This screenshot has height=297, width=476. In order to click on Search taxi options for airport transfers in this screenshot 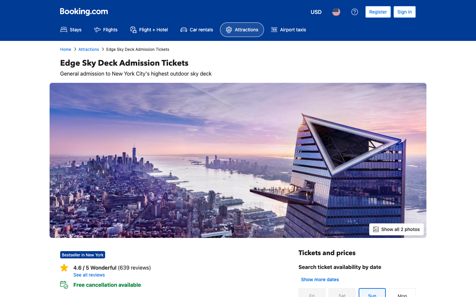, I will do `click(288, 29)`.